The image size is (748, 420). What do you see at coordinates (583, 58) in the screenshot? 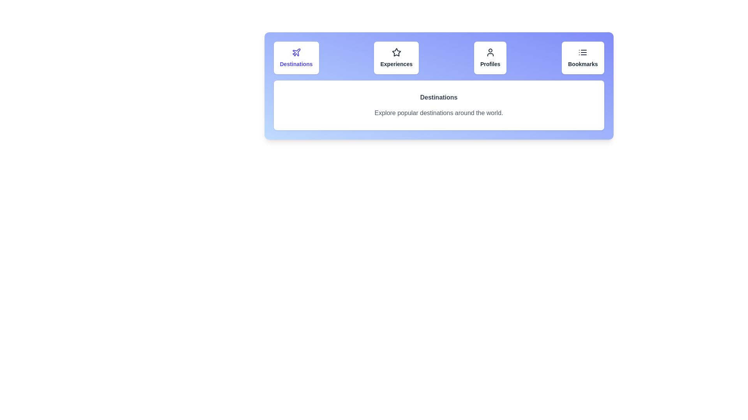
I see `the tab corresponding to Bookmarks` at bounding box center [583, 58].